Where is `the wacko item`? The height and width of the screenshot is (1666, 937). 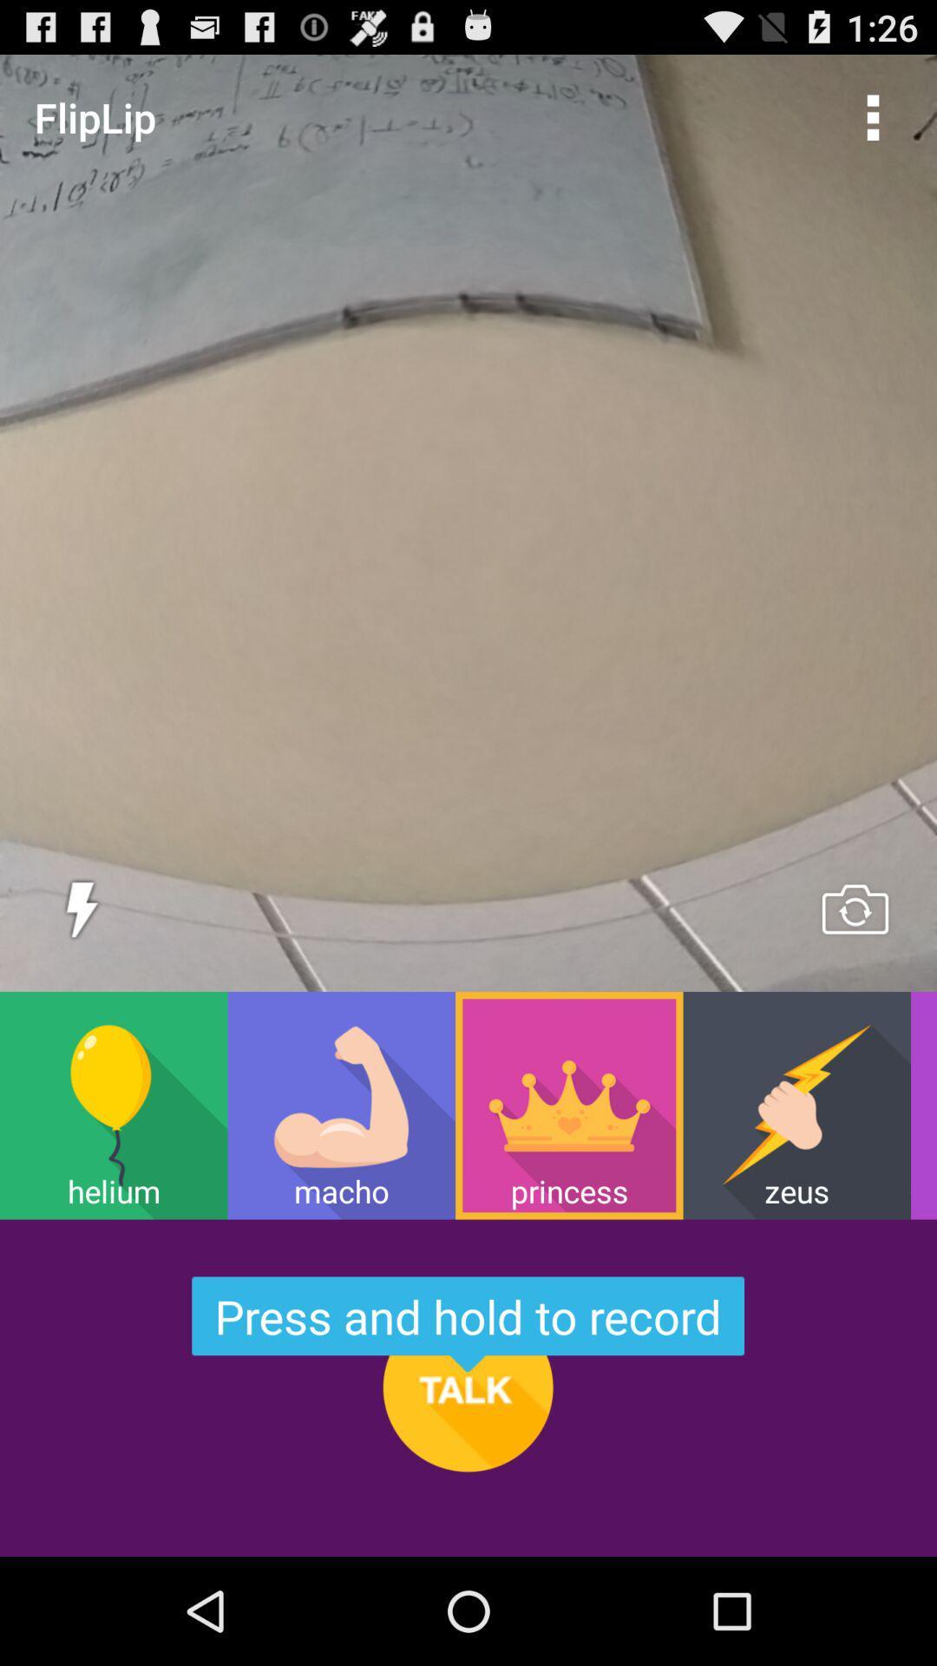
the wacko item is located at coordinates (922, 1105).